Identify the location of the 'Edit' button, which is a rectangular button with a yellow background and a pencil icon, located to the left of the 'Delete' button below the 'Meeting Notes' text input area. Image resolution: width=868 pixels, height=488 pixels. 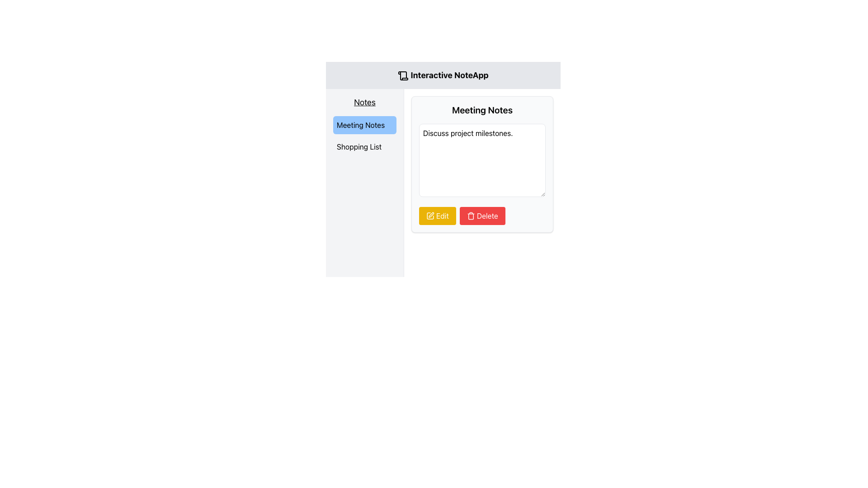
(437, 216).